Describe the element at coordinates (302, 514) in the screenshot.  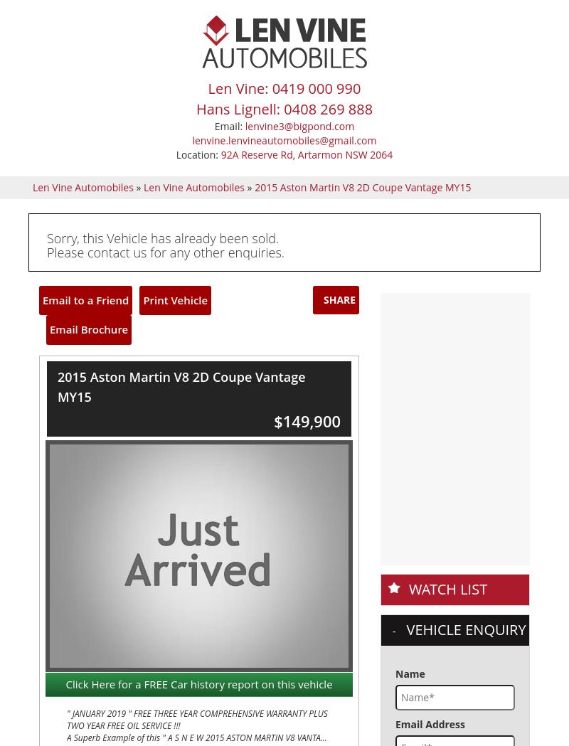
I see `'Enquiry Form'` at that location.